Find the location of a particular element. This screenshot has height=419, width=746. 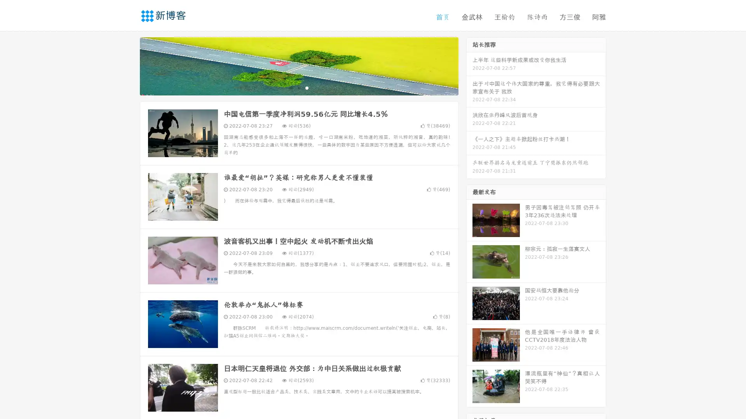

Go to slide 1 is located at coordinates (291, 87).